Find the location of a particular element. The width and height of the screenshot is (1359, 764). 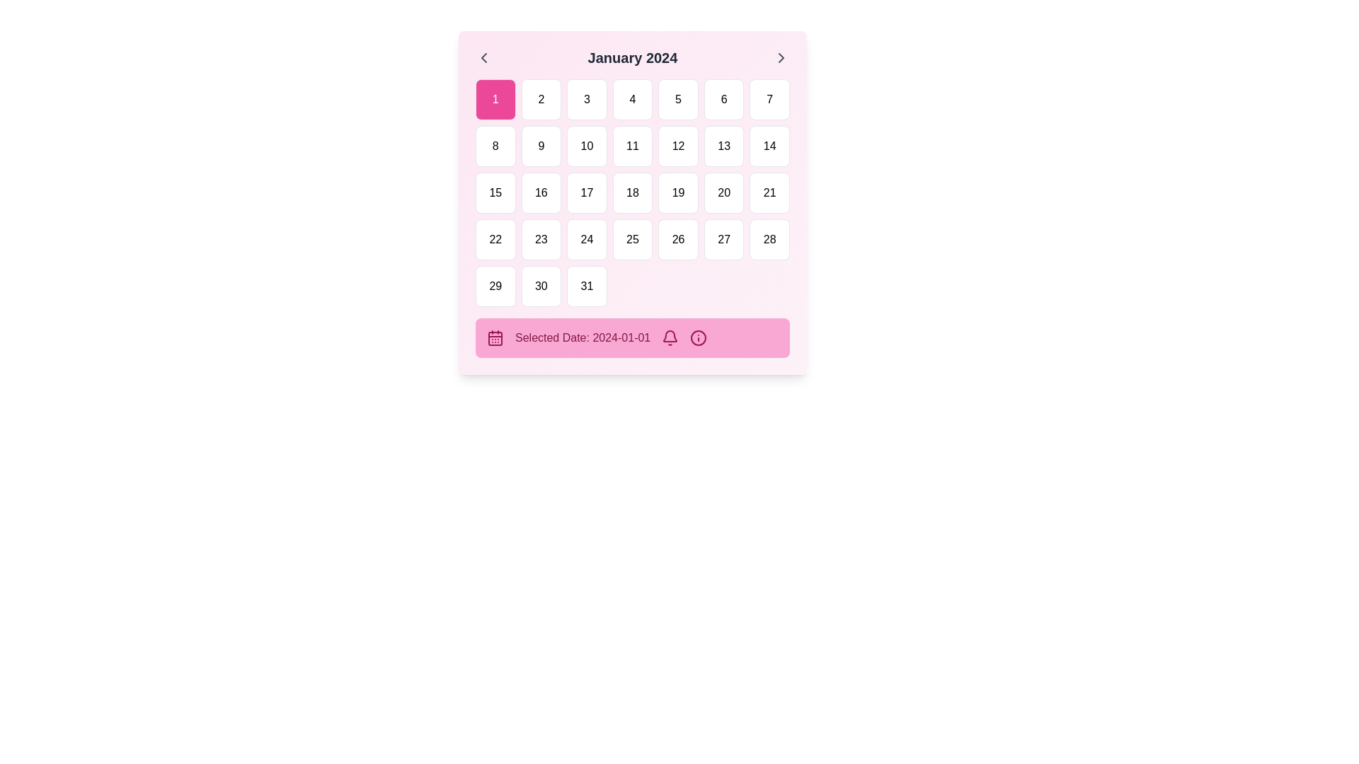

the square button with the bold number '14' on a white background in the January 2024 calendar is located at coordinates (769, 146).